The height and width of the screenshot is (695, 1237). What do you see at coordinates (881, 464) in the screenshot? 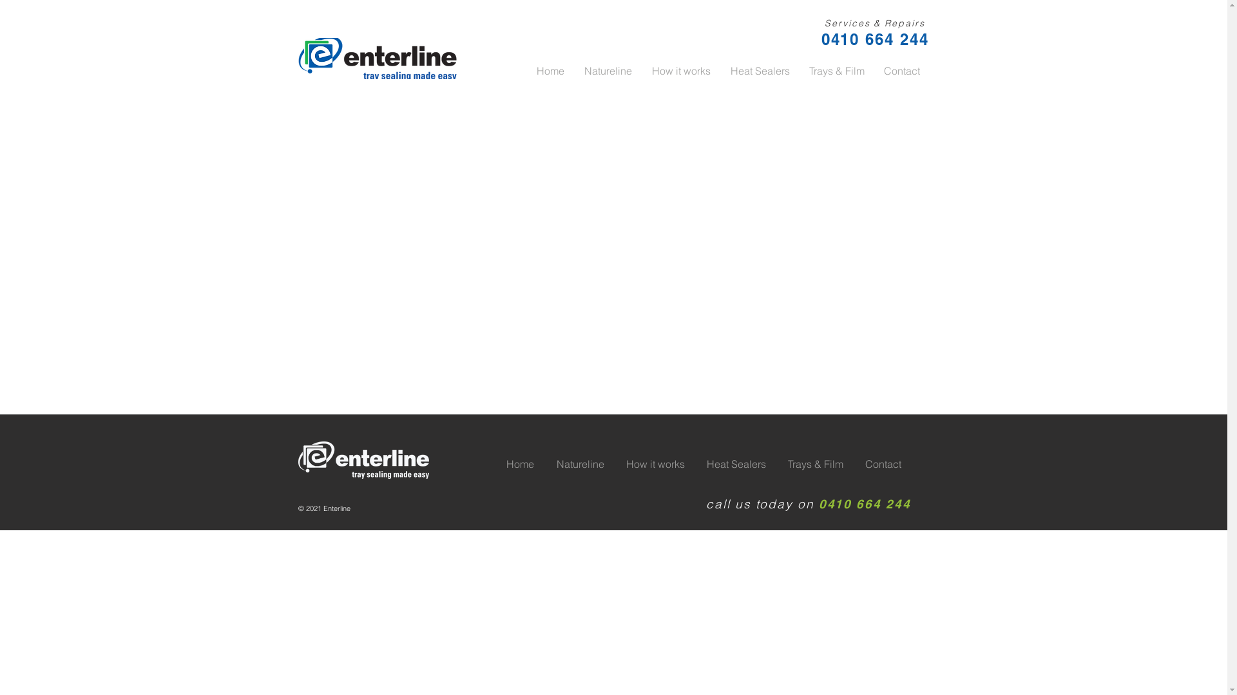
I see `'Contact'` at bounding box center [881, 464].